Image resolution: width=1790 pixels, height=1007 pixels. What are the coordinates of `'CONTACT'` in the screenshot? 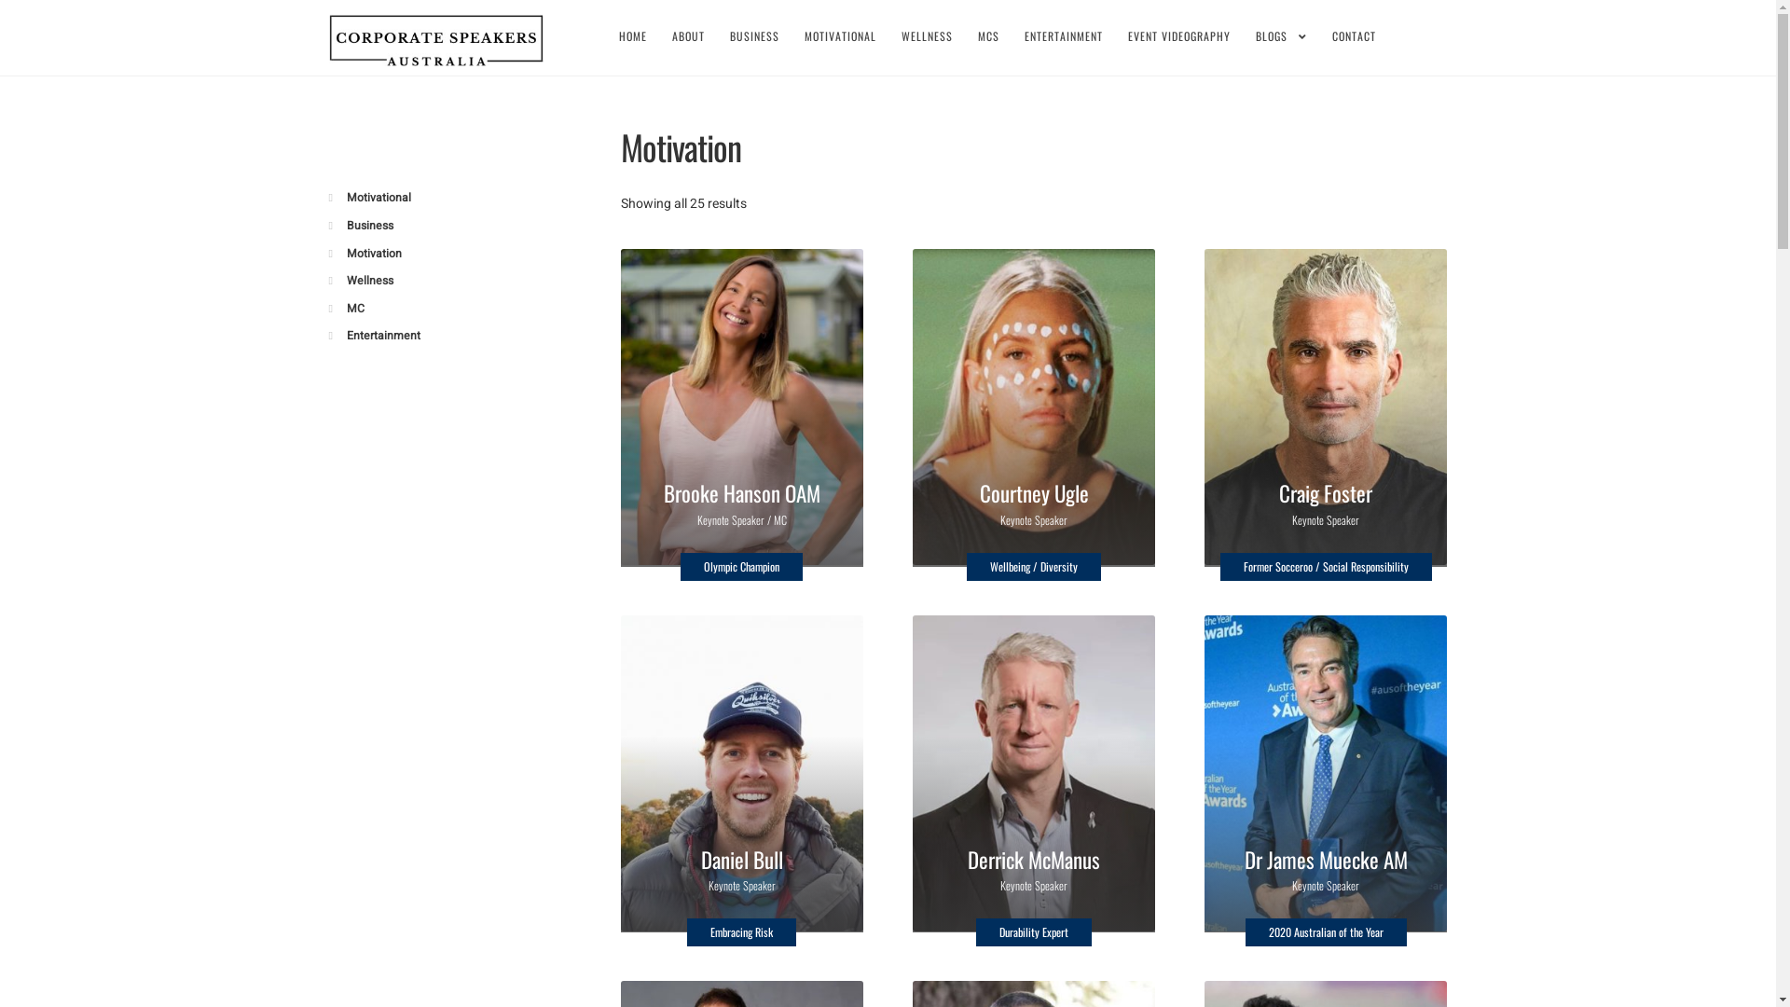 It's located at (1354, 35).